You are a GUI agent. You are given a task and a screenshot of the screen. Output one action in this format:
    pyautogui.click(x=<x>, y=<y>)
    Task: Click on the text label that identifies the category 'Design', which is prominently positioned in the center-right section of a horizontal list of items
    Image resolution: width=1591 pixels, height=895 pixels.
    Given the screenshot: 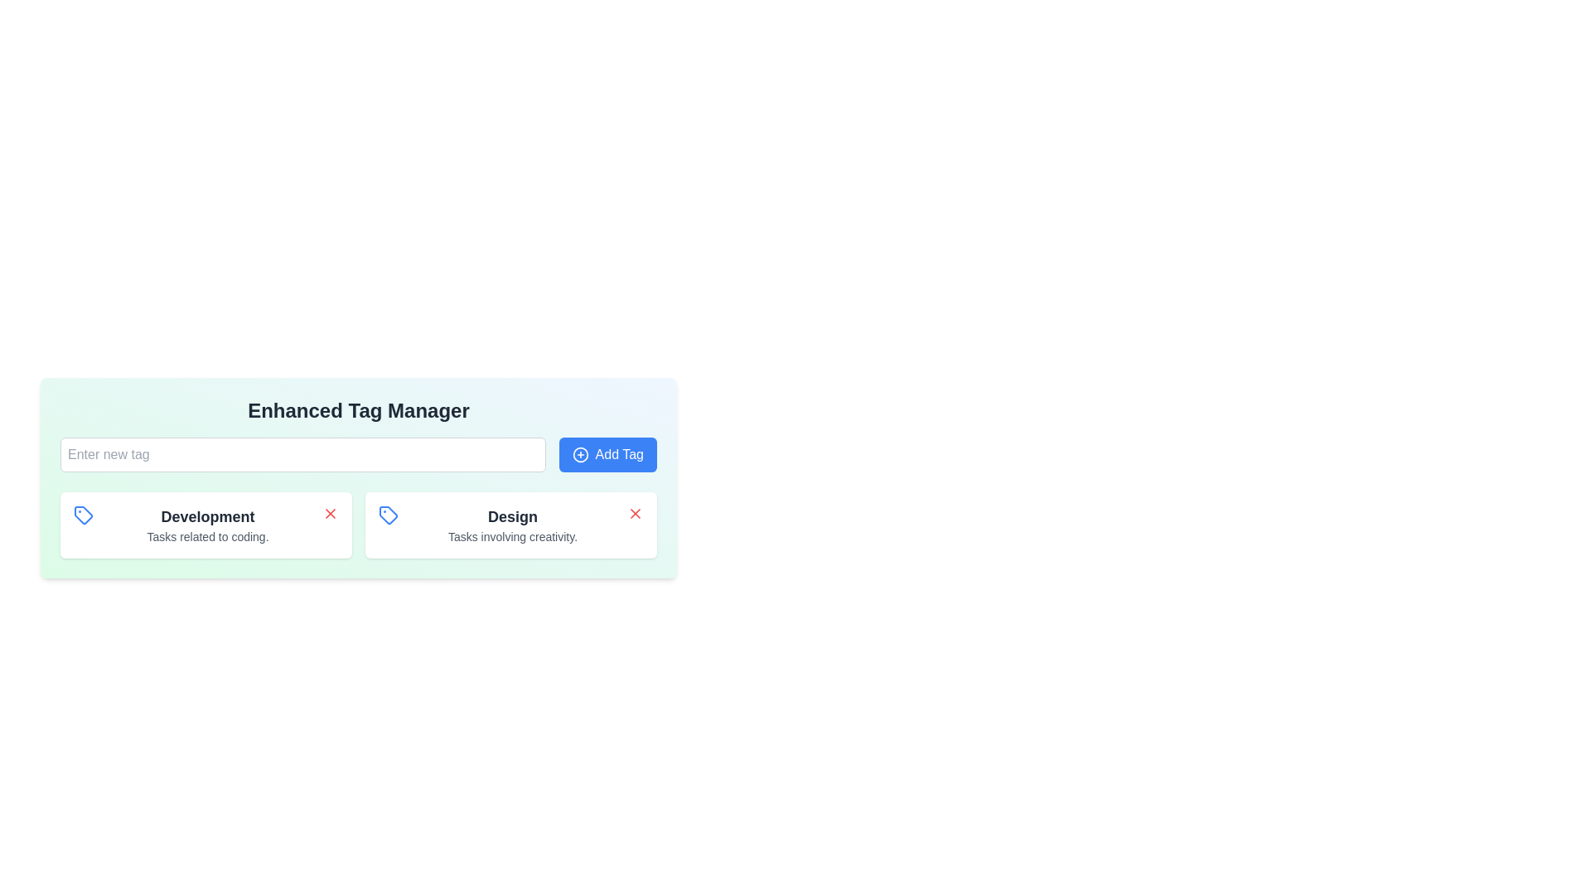 What is the action you would take?
    pyautogui.click(x=512, y=516)
    